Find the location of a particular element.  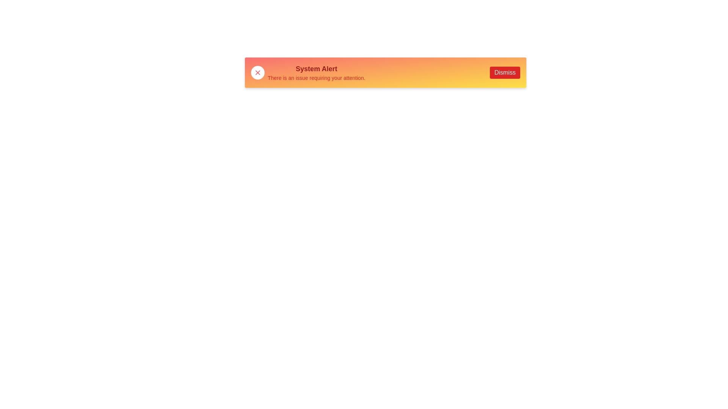

the circular button with a red 'X' icon is located at coordinates (258, 73).